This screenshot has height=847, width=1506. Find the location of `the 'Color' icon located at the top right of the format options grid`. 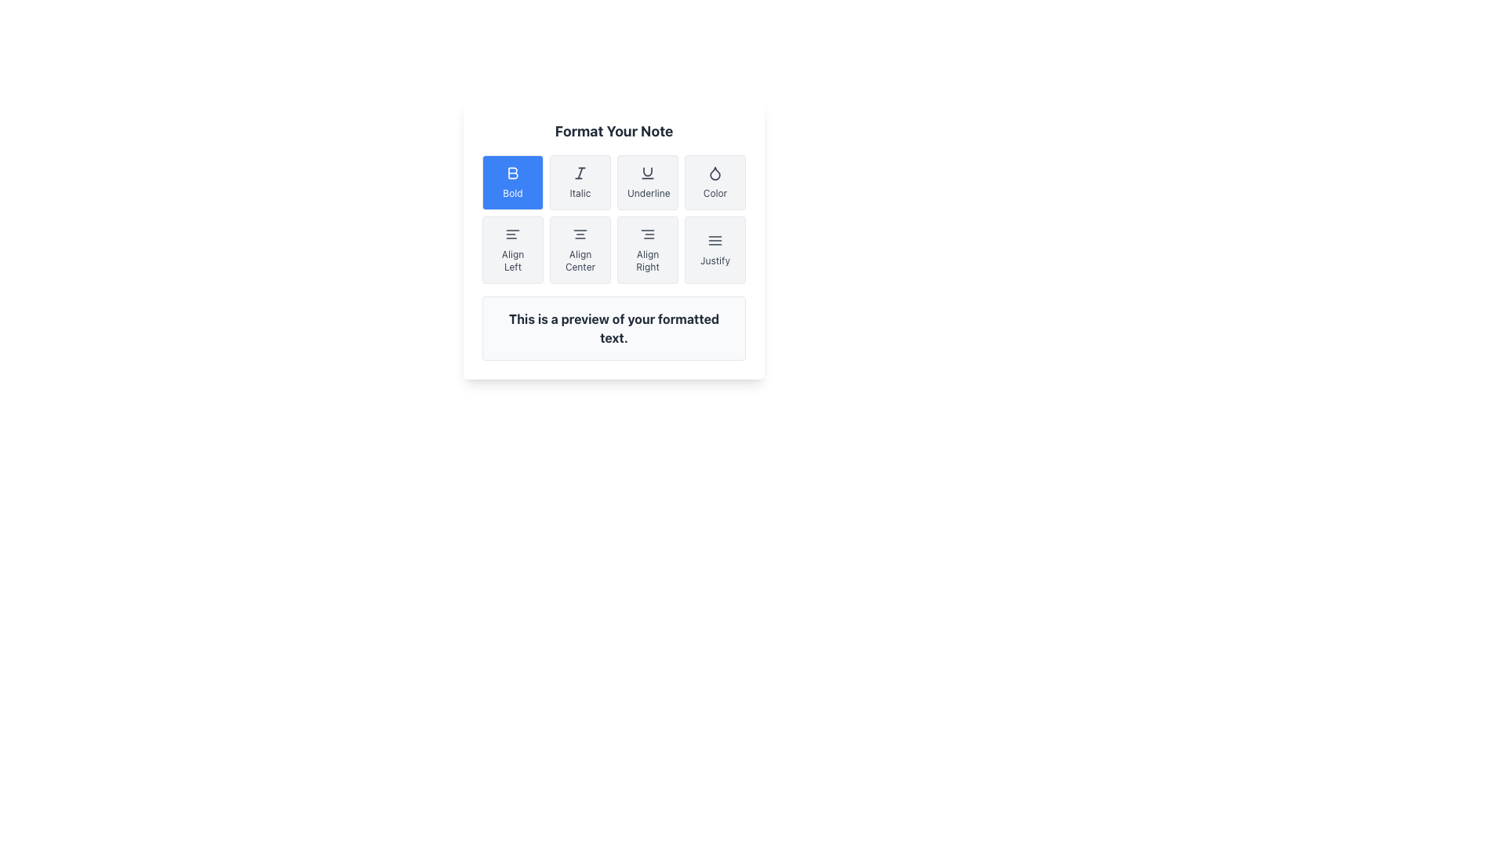

the 'Color' icon located at the top right of the format options grid is located at coordinates (715, 173).